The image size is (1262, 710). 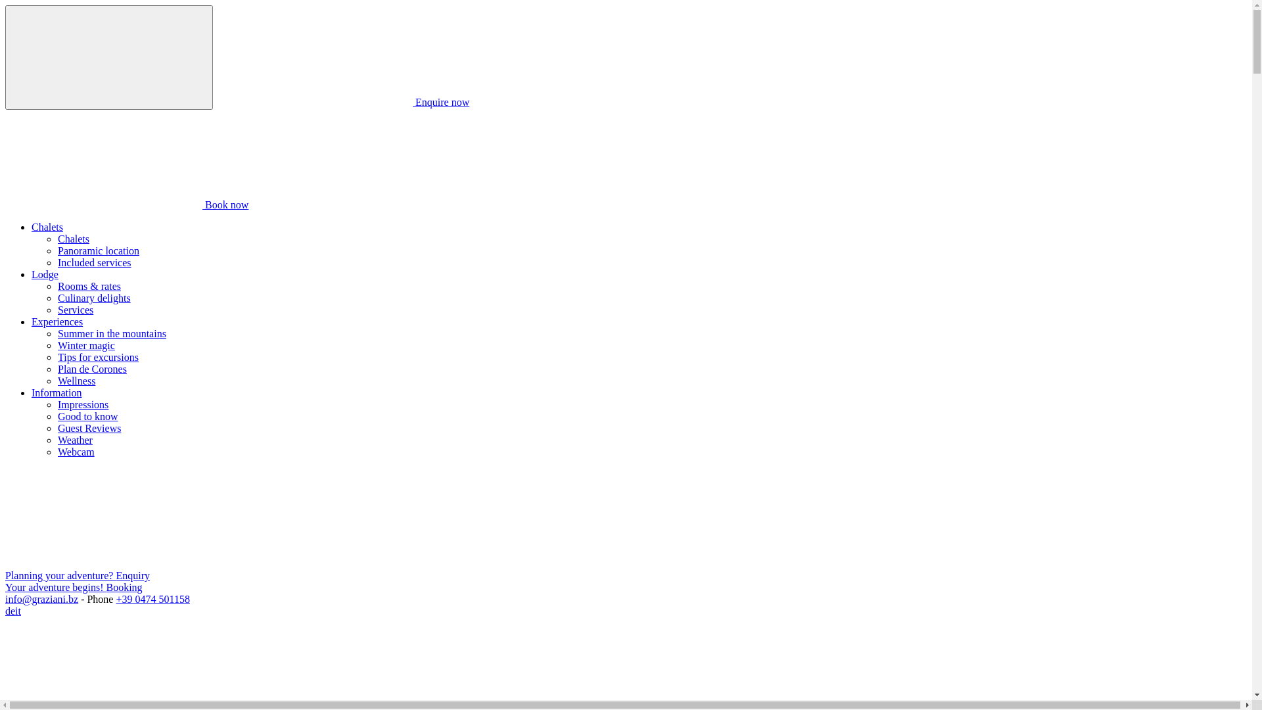 I want to click on 'Summer in the mountains', so click(x=112, y=333).